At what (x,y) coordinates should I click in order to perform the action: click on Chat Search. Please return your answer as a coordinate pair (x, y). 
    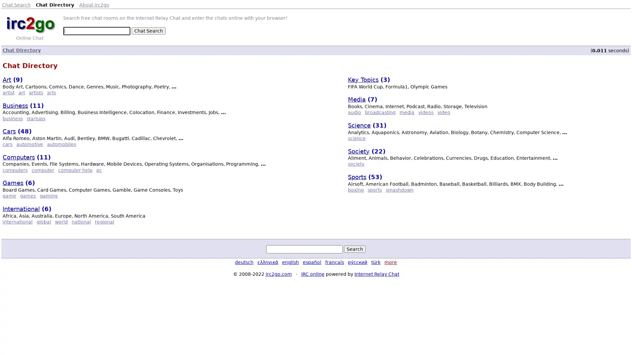
    Looking at the image, I should click on (148, 31).